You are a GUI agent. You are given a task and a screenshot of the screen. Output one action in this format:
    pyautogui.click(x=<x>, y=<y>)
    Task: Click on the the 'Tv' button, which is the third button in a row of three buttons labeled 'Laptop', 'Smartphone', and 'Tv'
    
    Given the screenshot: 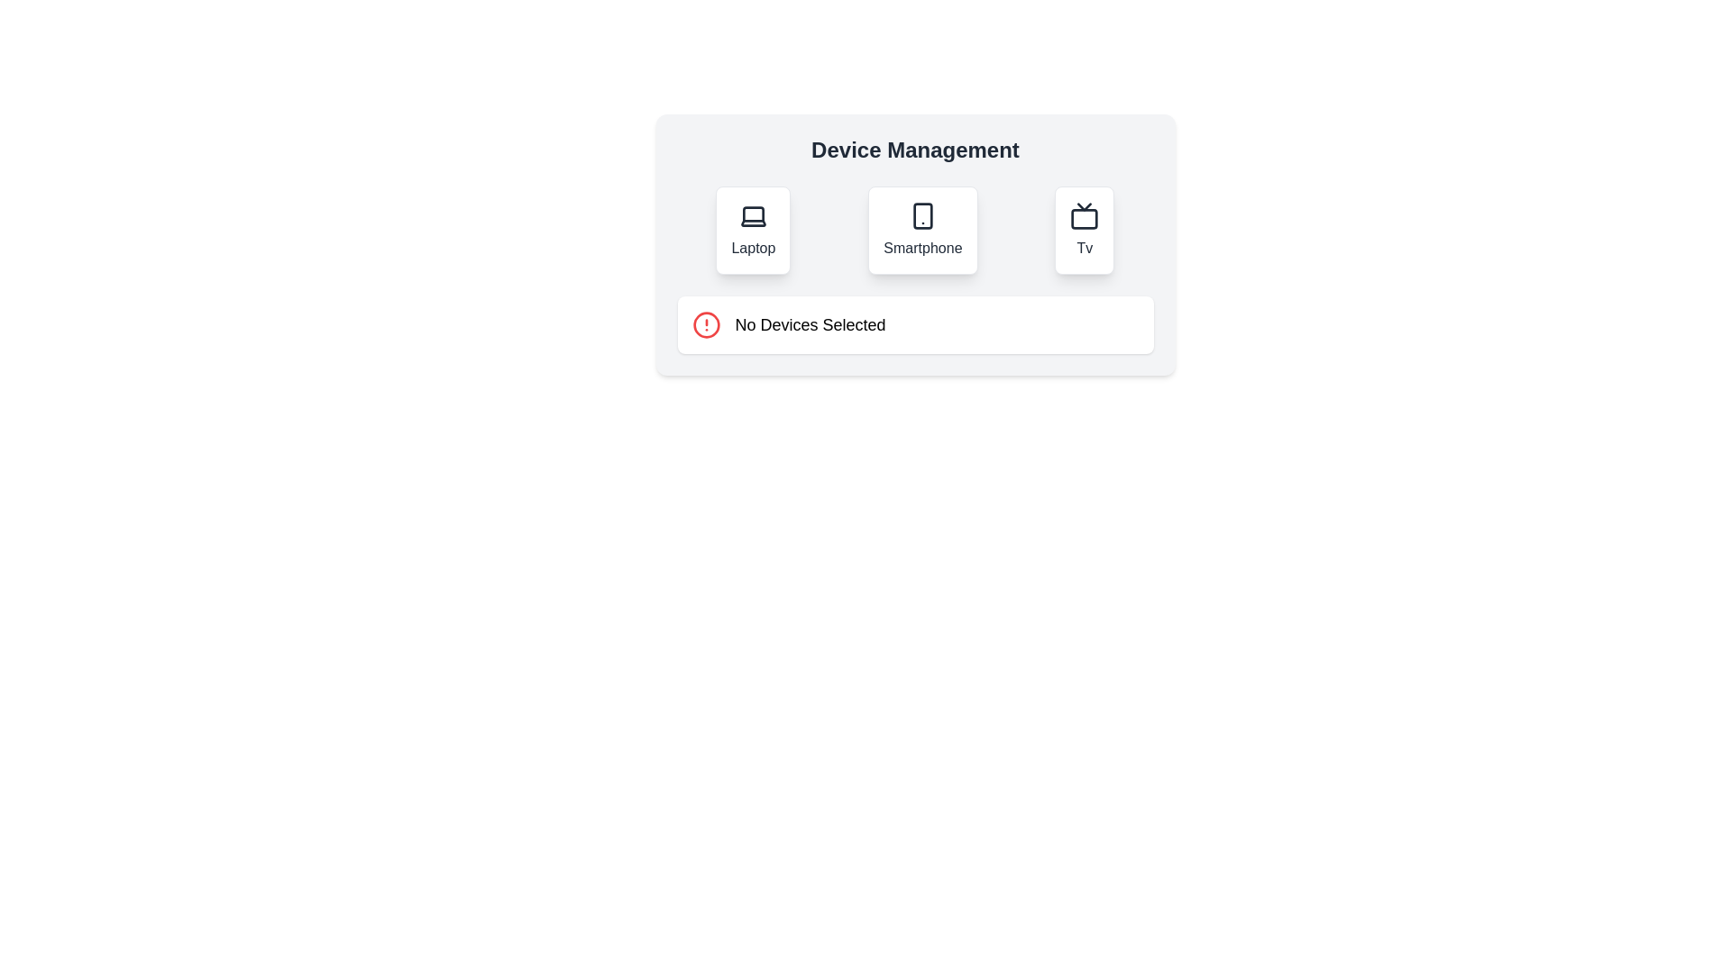 What is the action you would take?
    pyautogui.click(x=1084, y=229)
    